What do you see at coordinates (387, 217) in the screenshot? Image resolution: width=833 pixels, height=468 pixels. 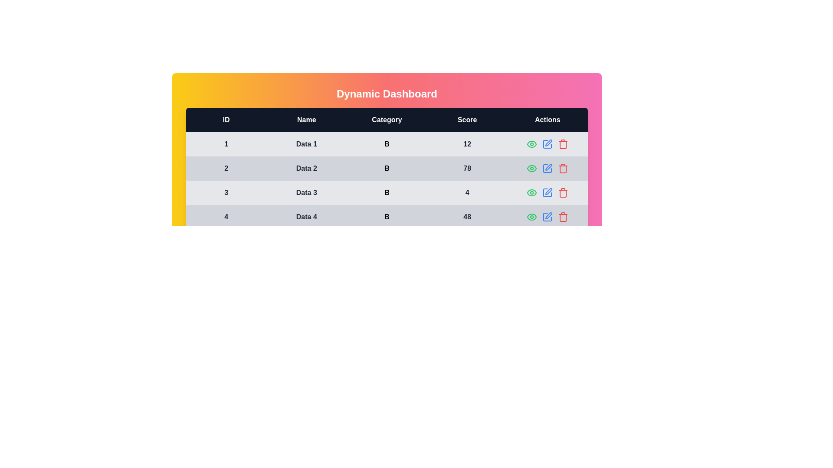 I see `the row corresponding to 4` at bounding box center [387, 217].